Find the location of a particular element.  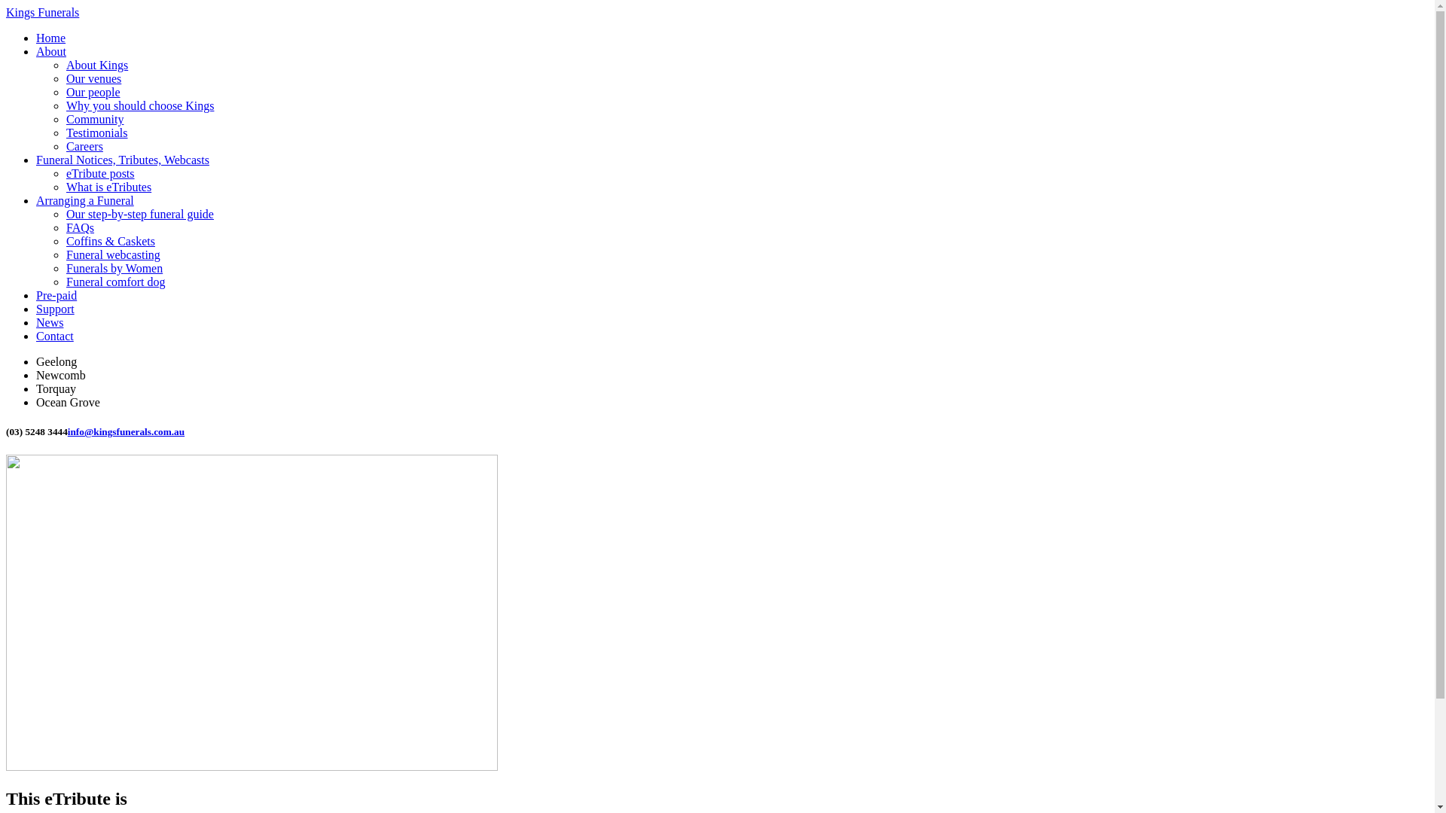

'info@kingsfunerals.com.au' is located at coordinates (126, 431).